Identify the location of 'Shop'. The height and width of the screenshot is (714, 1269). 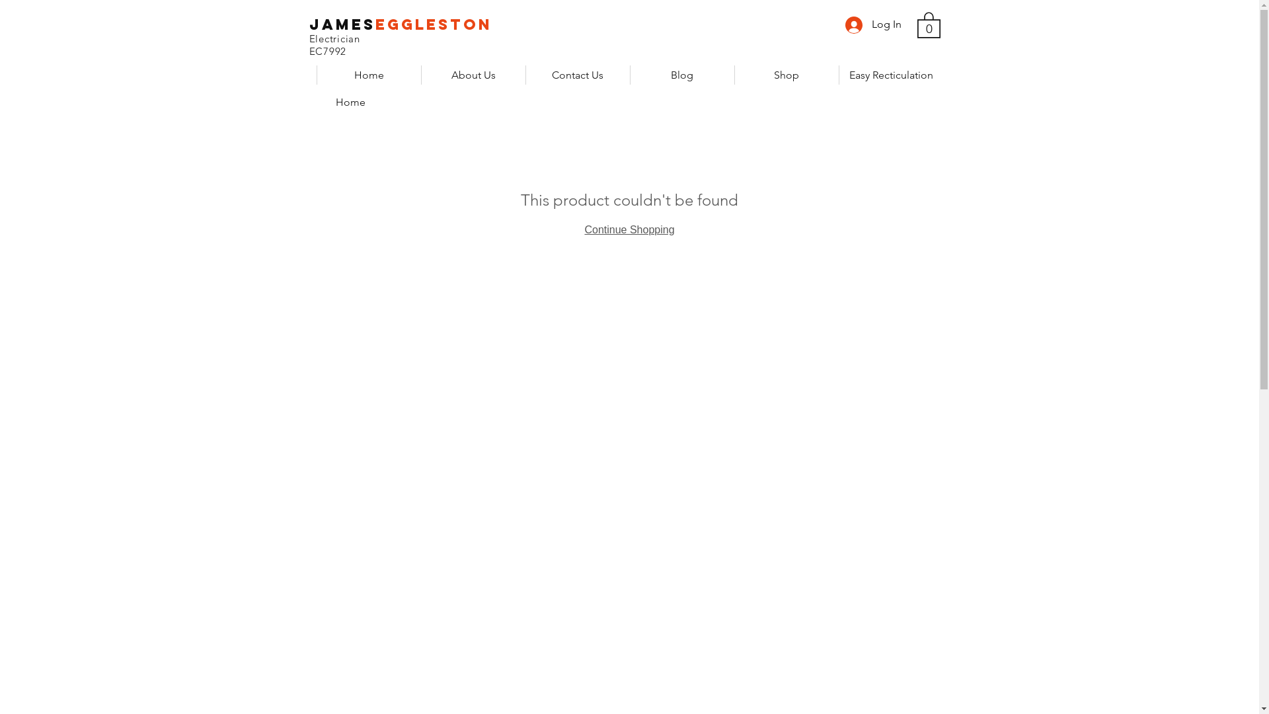
(786, 75).